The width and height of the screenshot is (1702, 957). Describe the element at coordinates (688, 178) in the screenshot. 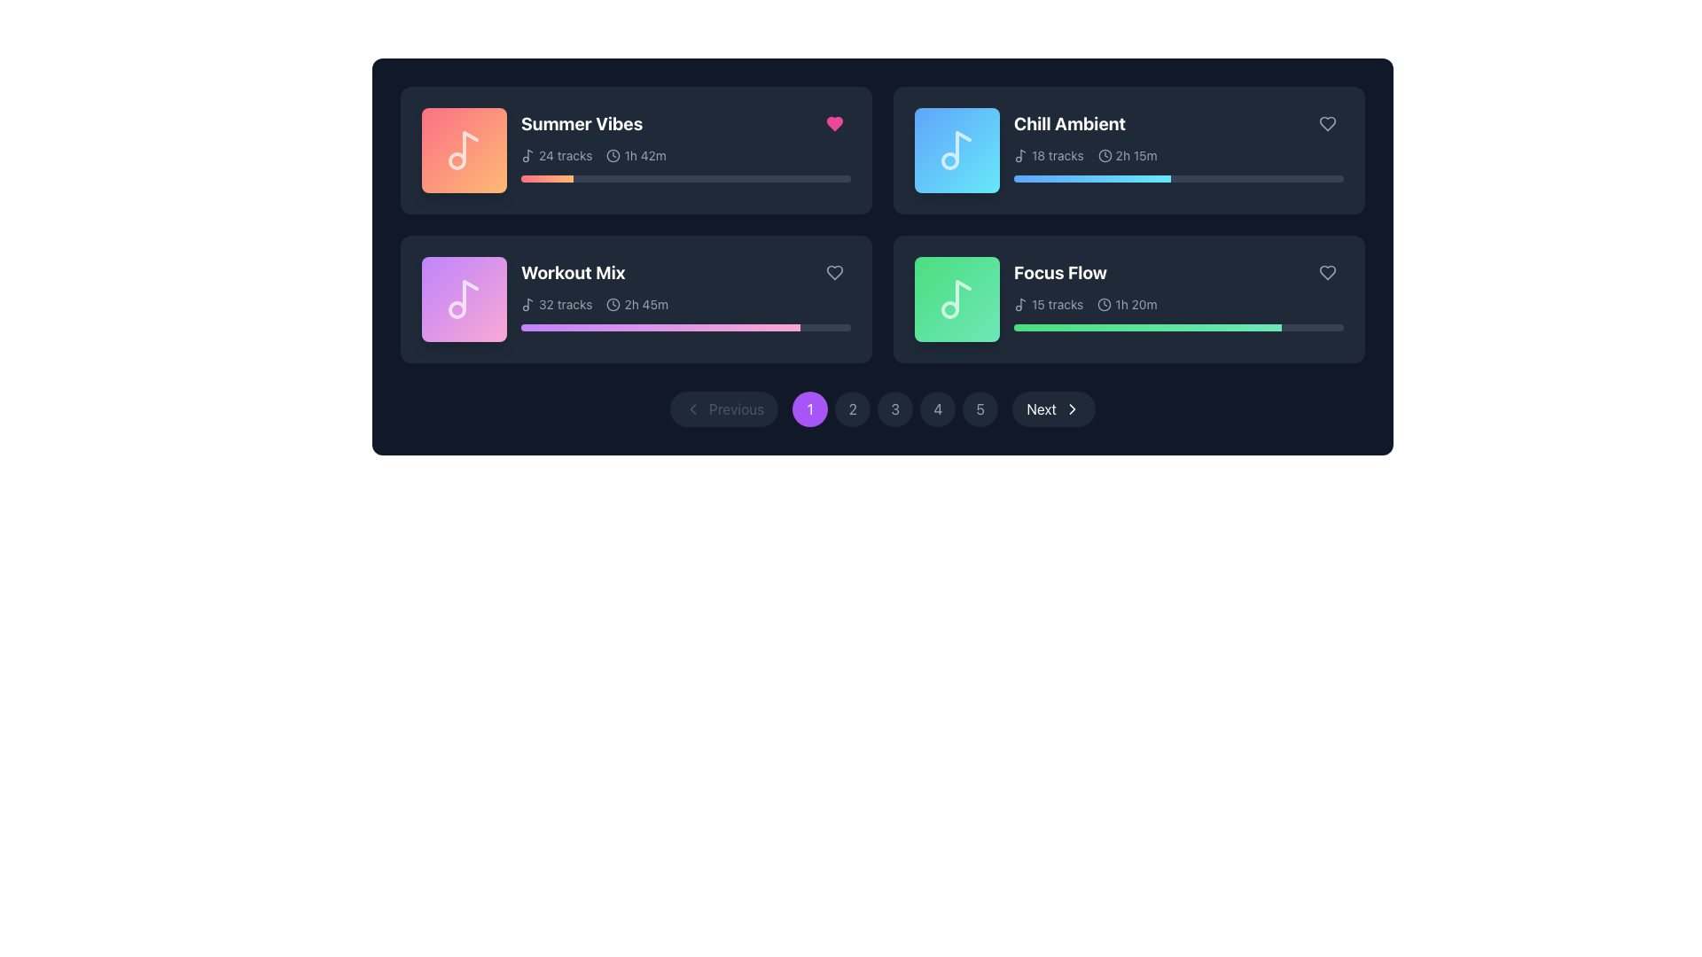

I see `the progress` at that location.